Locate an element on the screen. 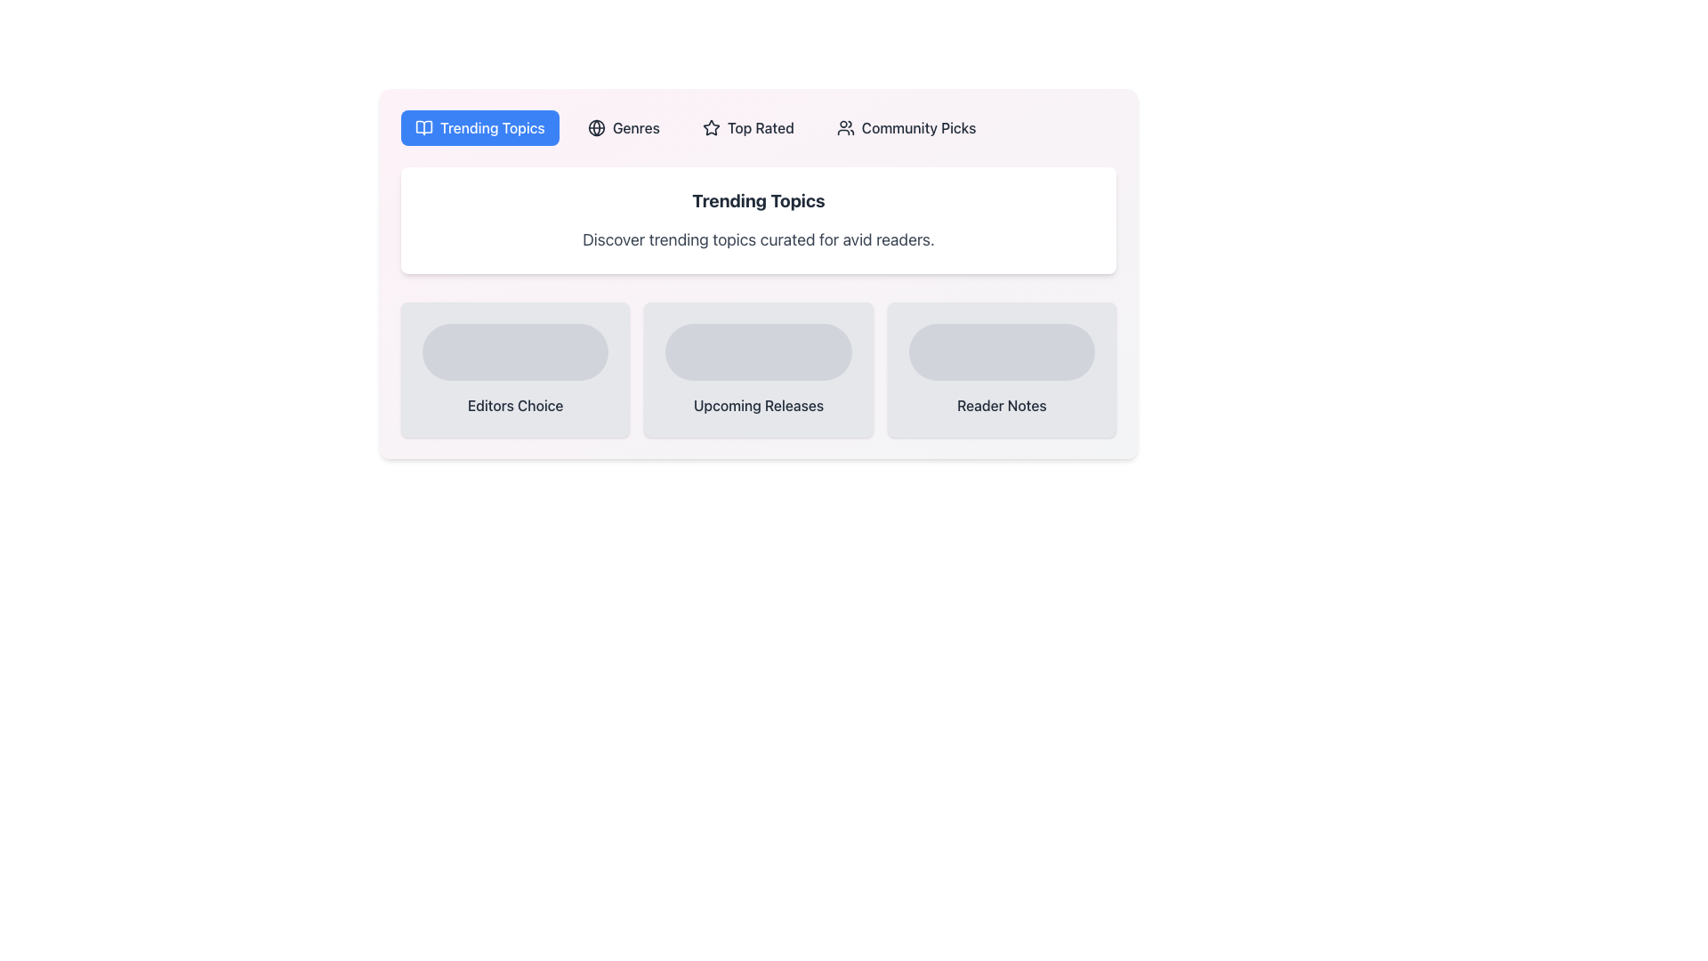 This screenshot has height=961, width=1708. the blue button labeled 'Trending Topics' with an open book icon is located at coordinates (479, 126).